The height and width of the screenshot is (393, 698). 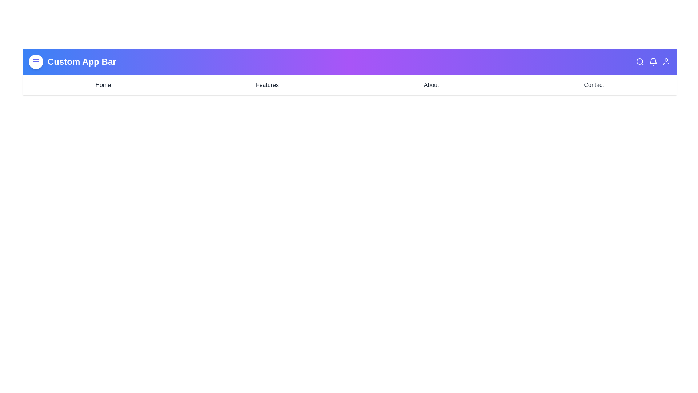 What do you see at coordinates (349, 72) in the screenshot?
I see `the app bar's gradient area to inspect its styling` at bounding box center [349, 72].